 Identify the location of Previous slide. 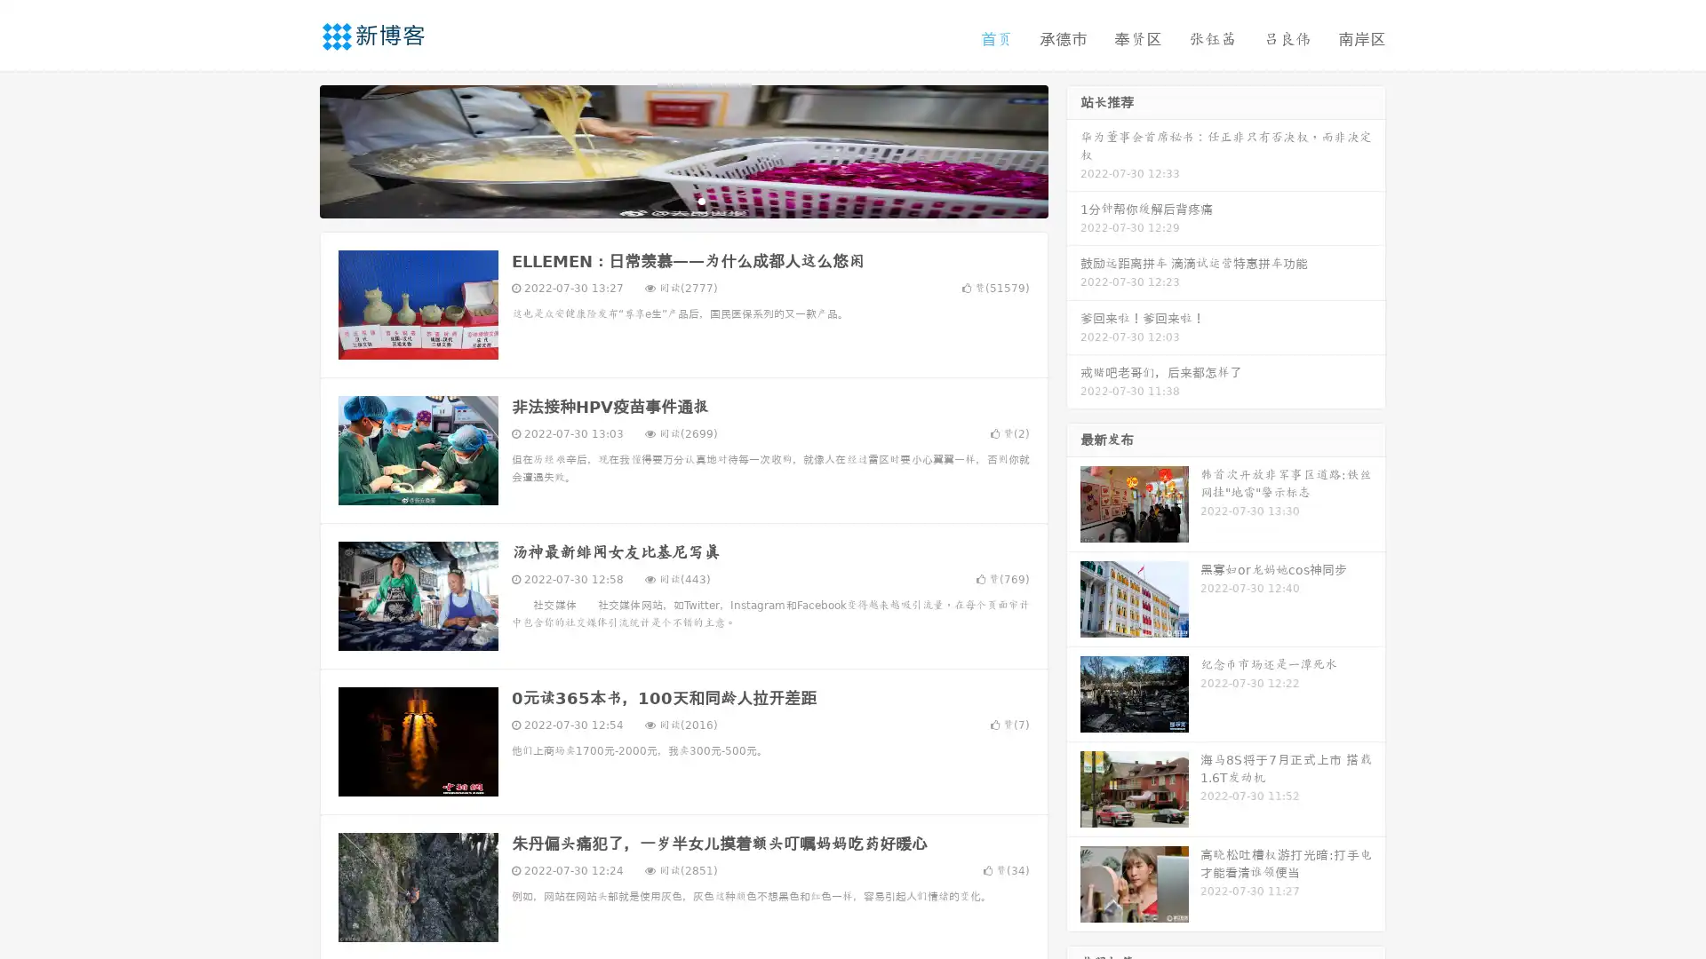
(293, 149).